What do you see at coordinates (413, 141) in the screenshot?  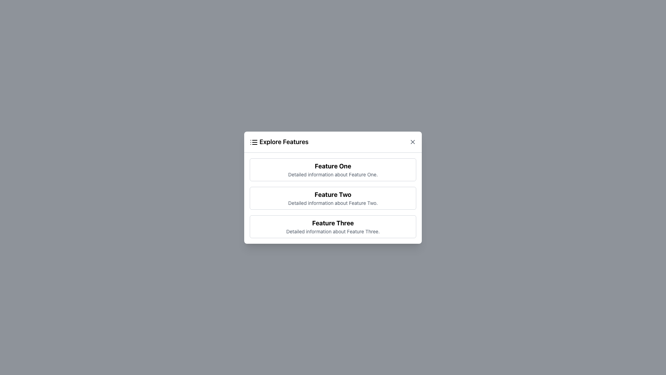 I see `the close button located in the top-right corner of the header section` at bounding box center [413, 141].